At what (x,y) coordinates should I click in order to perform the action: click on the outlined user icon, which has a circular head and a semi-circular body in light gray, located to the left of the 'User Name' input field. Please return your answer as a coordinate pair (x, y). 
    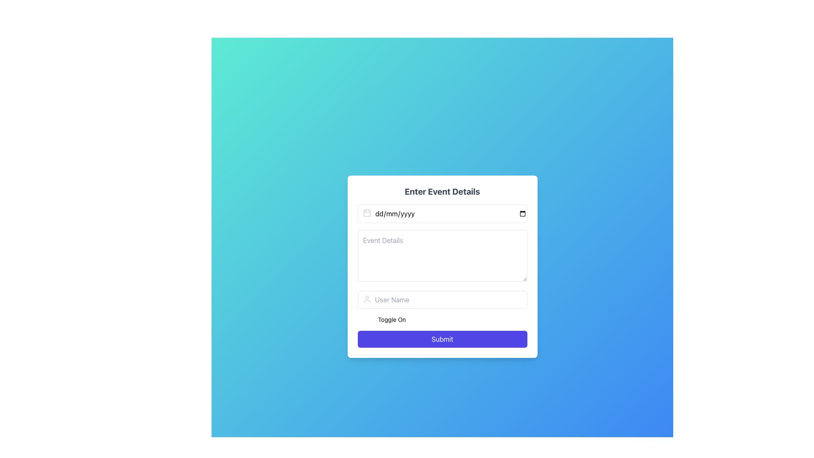
    Looking at the image, I should click on (367, 299).